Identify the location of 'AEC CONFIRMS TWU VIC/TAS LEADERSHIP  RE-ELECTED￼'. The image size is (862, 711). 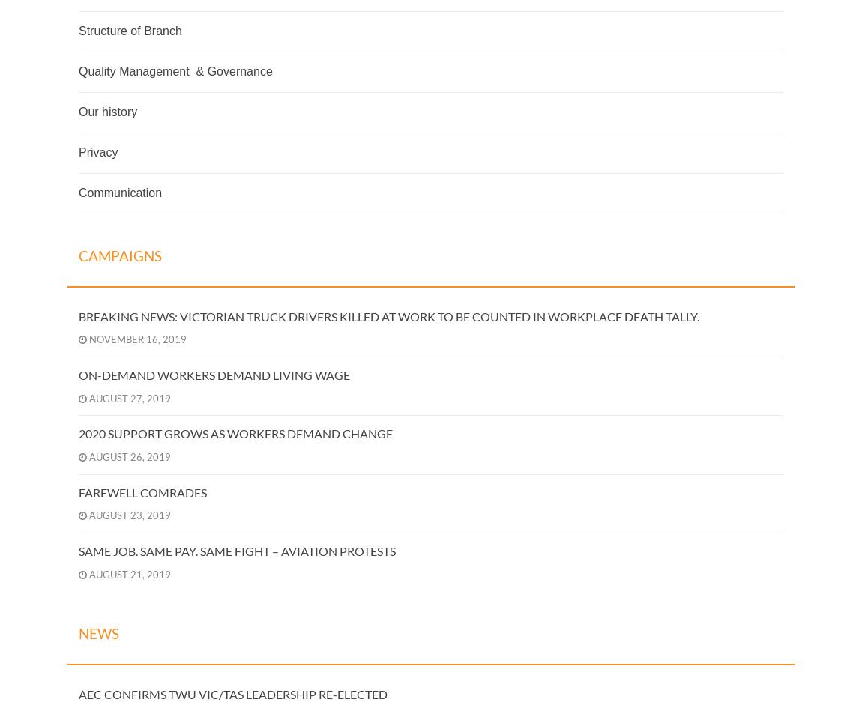
(232, 692).